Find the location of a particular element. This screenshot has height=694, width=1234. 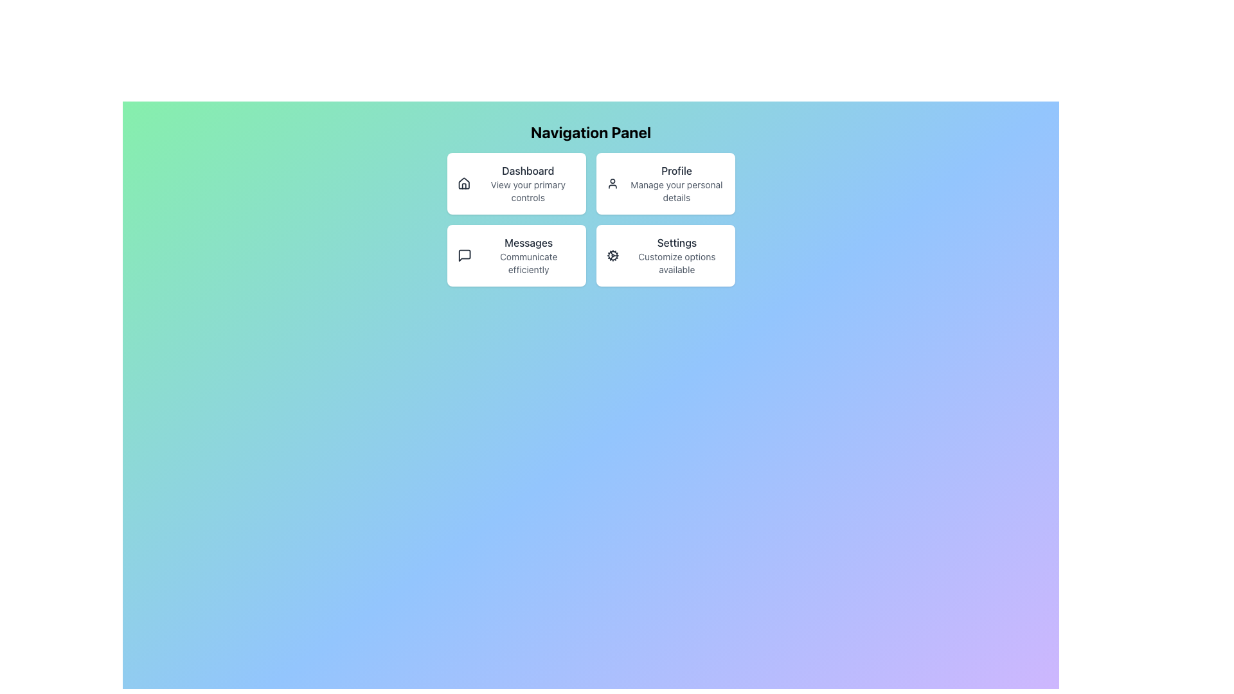

the 'Settings' text label which serves as a heading for the customization options section is located at coordinates (676, 243).